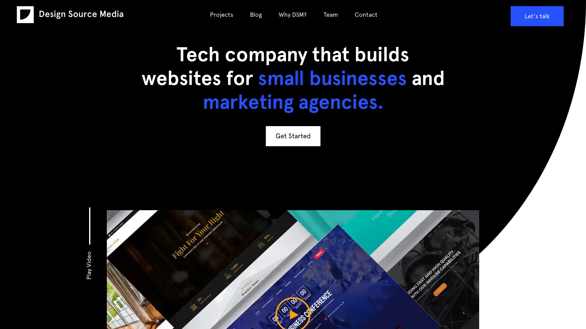  What do you see at coordinates (292, 136) in the screenshot?
I see `Get Started` at bounding box center [292, 136].